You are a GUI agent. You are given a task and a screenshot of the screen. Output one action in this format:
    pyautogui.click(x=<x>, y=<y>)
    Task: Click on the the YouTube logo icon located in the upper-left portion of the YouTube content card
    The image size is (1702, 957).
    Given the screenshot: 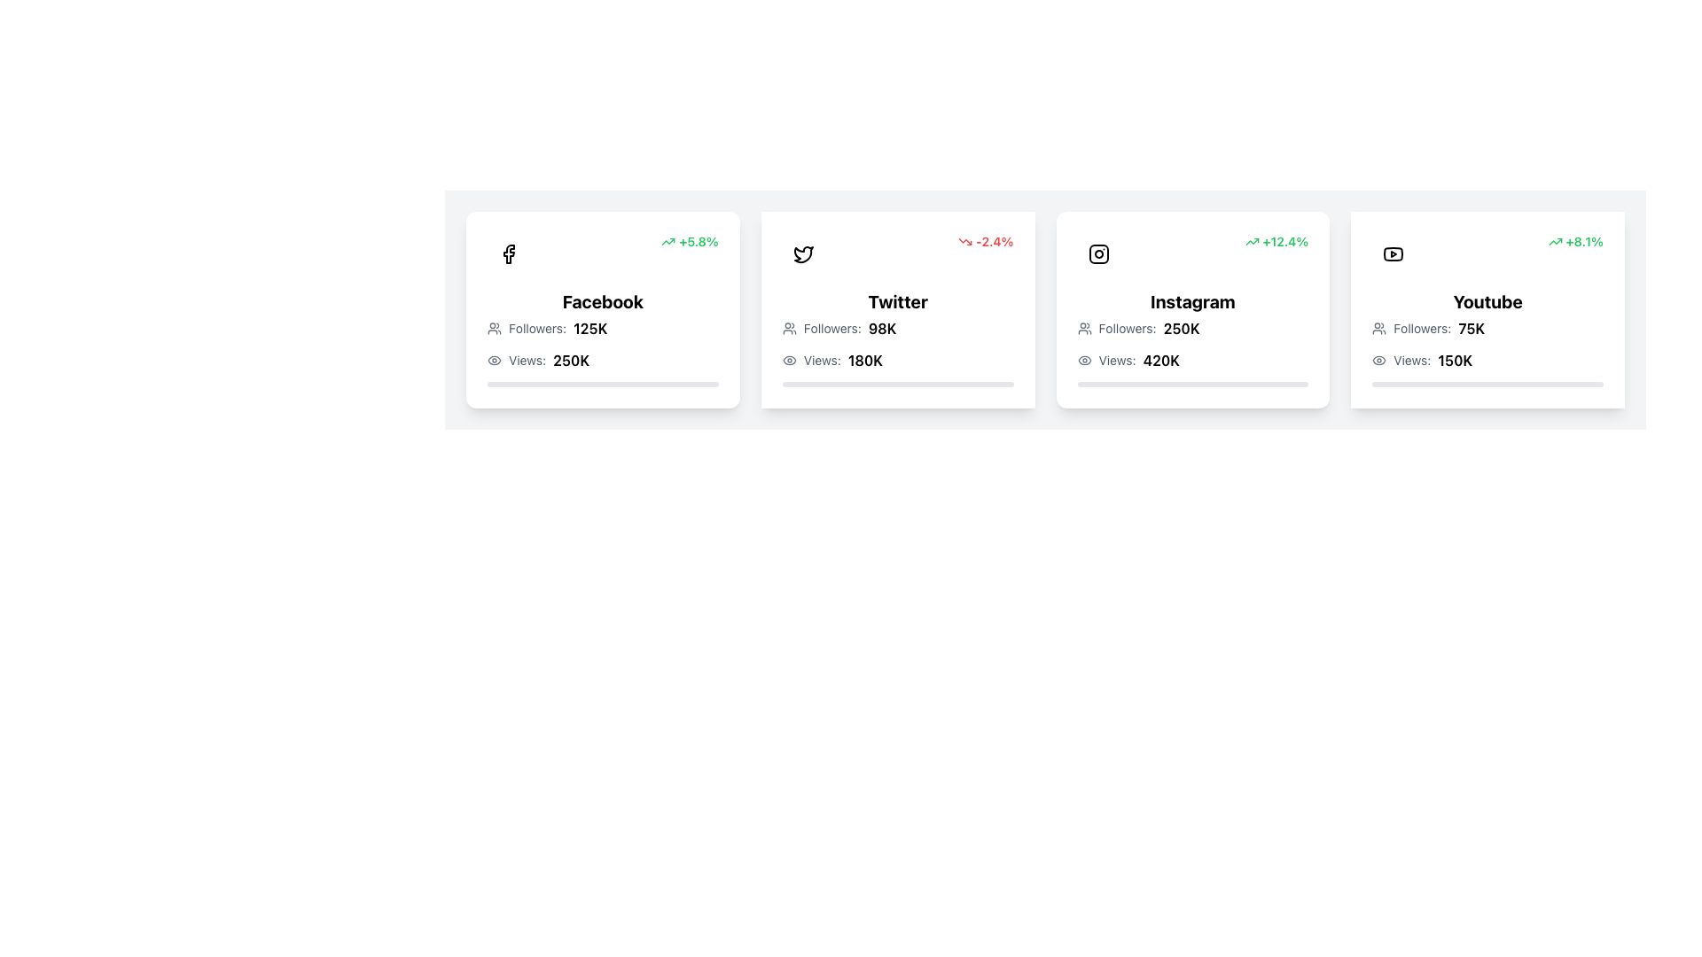 What is the action you would take?
    pyautogui.click(x=1393, y=253)
    